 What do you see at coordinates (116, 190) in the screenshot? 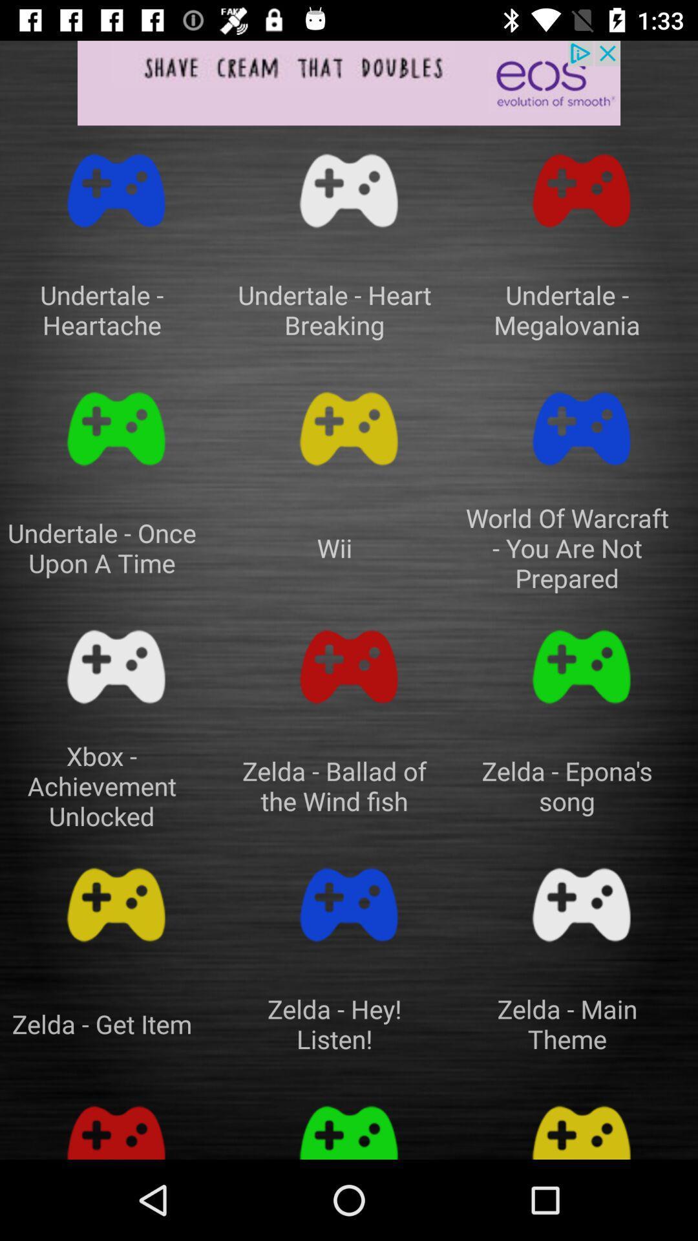
I see `icon` at bounding box center [116, 190].